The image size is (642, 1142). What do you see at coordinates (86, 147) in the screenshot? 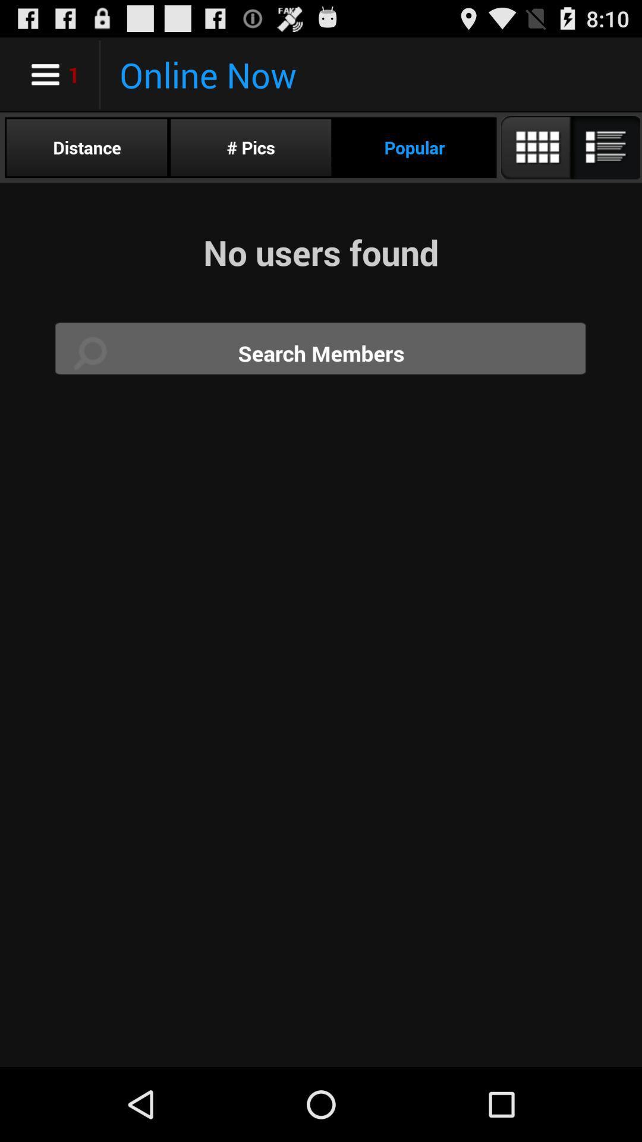
I see `icon below online now icon` at bounding box center [86, 147].